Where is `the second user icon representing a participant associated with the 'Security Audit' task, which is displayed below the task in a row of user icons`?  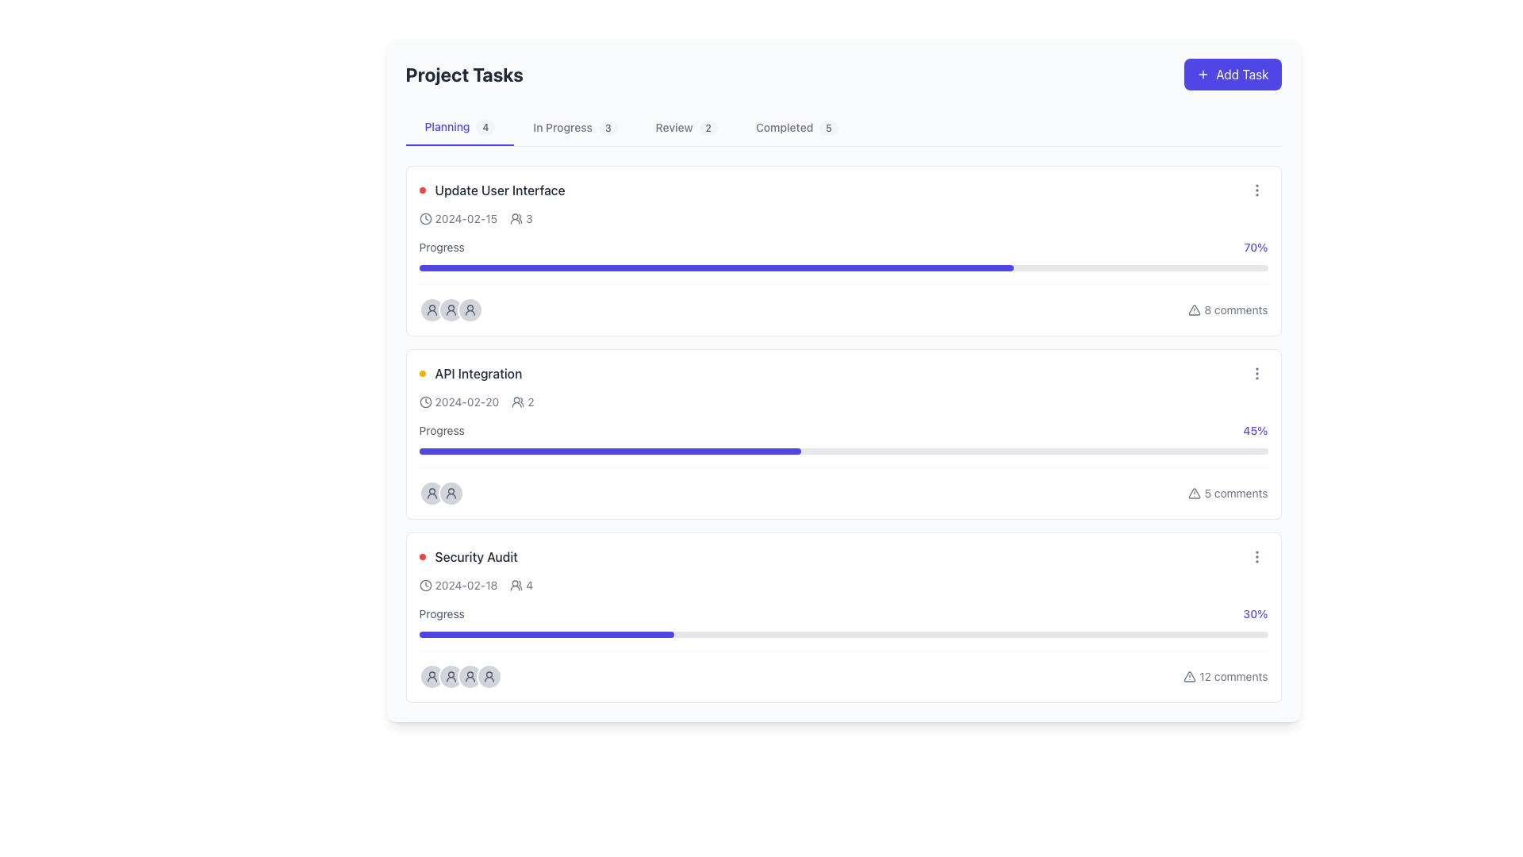 the second user icon representing a participant associated with the 'Security Audit' task, which is displayed below the task in a row of user icons is located at coordinates (469, 676).